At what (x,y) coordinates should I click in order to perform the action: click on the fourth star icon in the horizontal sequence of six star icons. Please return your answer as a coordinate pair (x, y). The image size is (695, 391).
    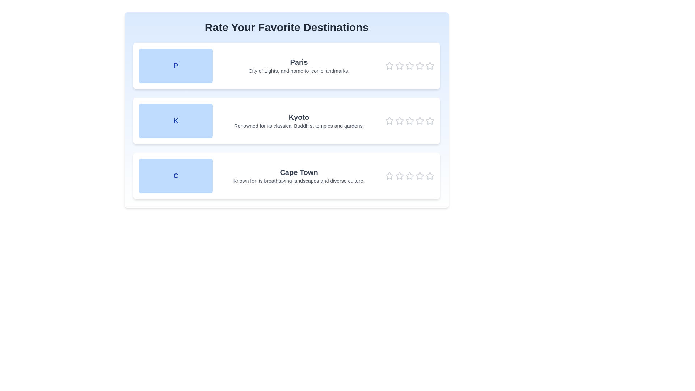
    Looking at the image, I should click on (410, 121).